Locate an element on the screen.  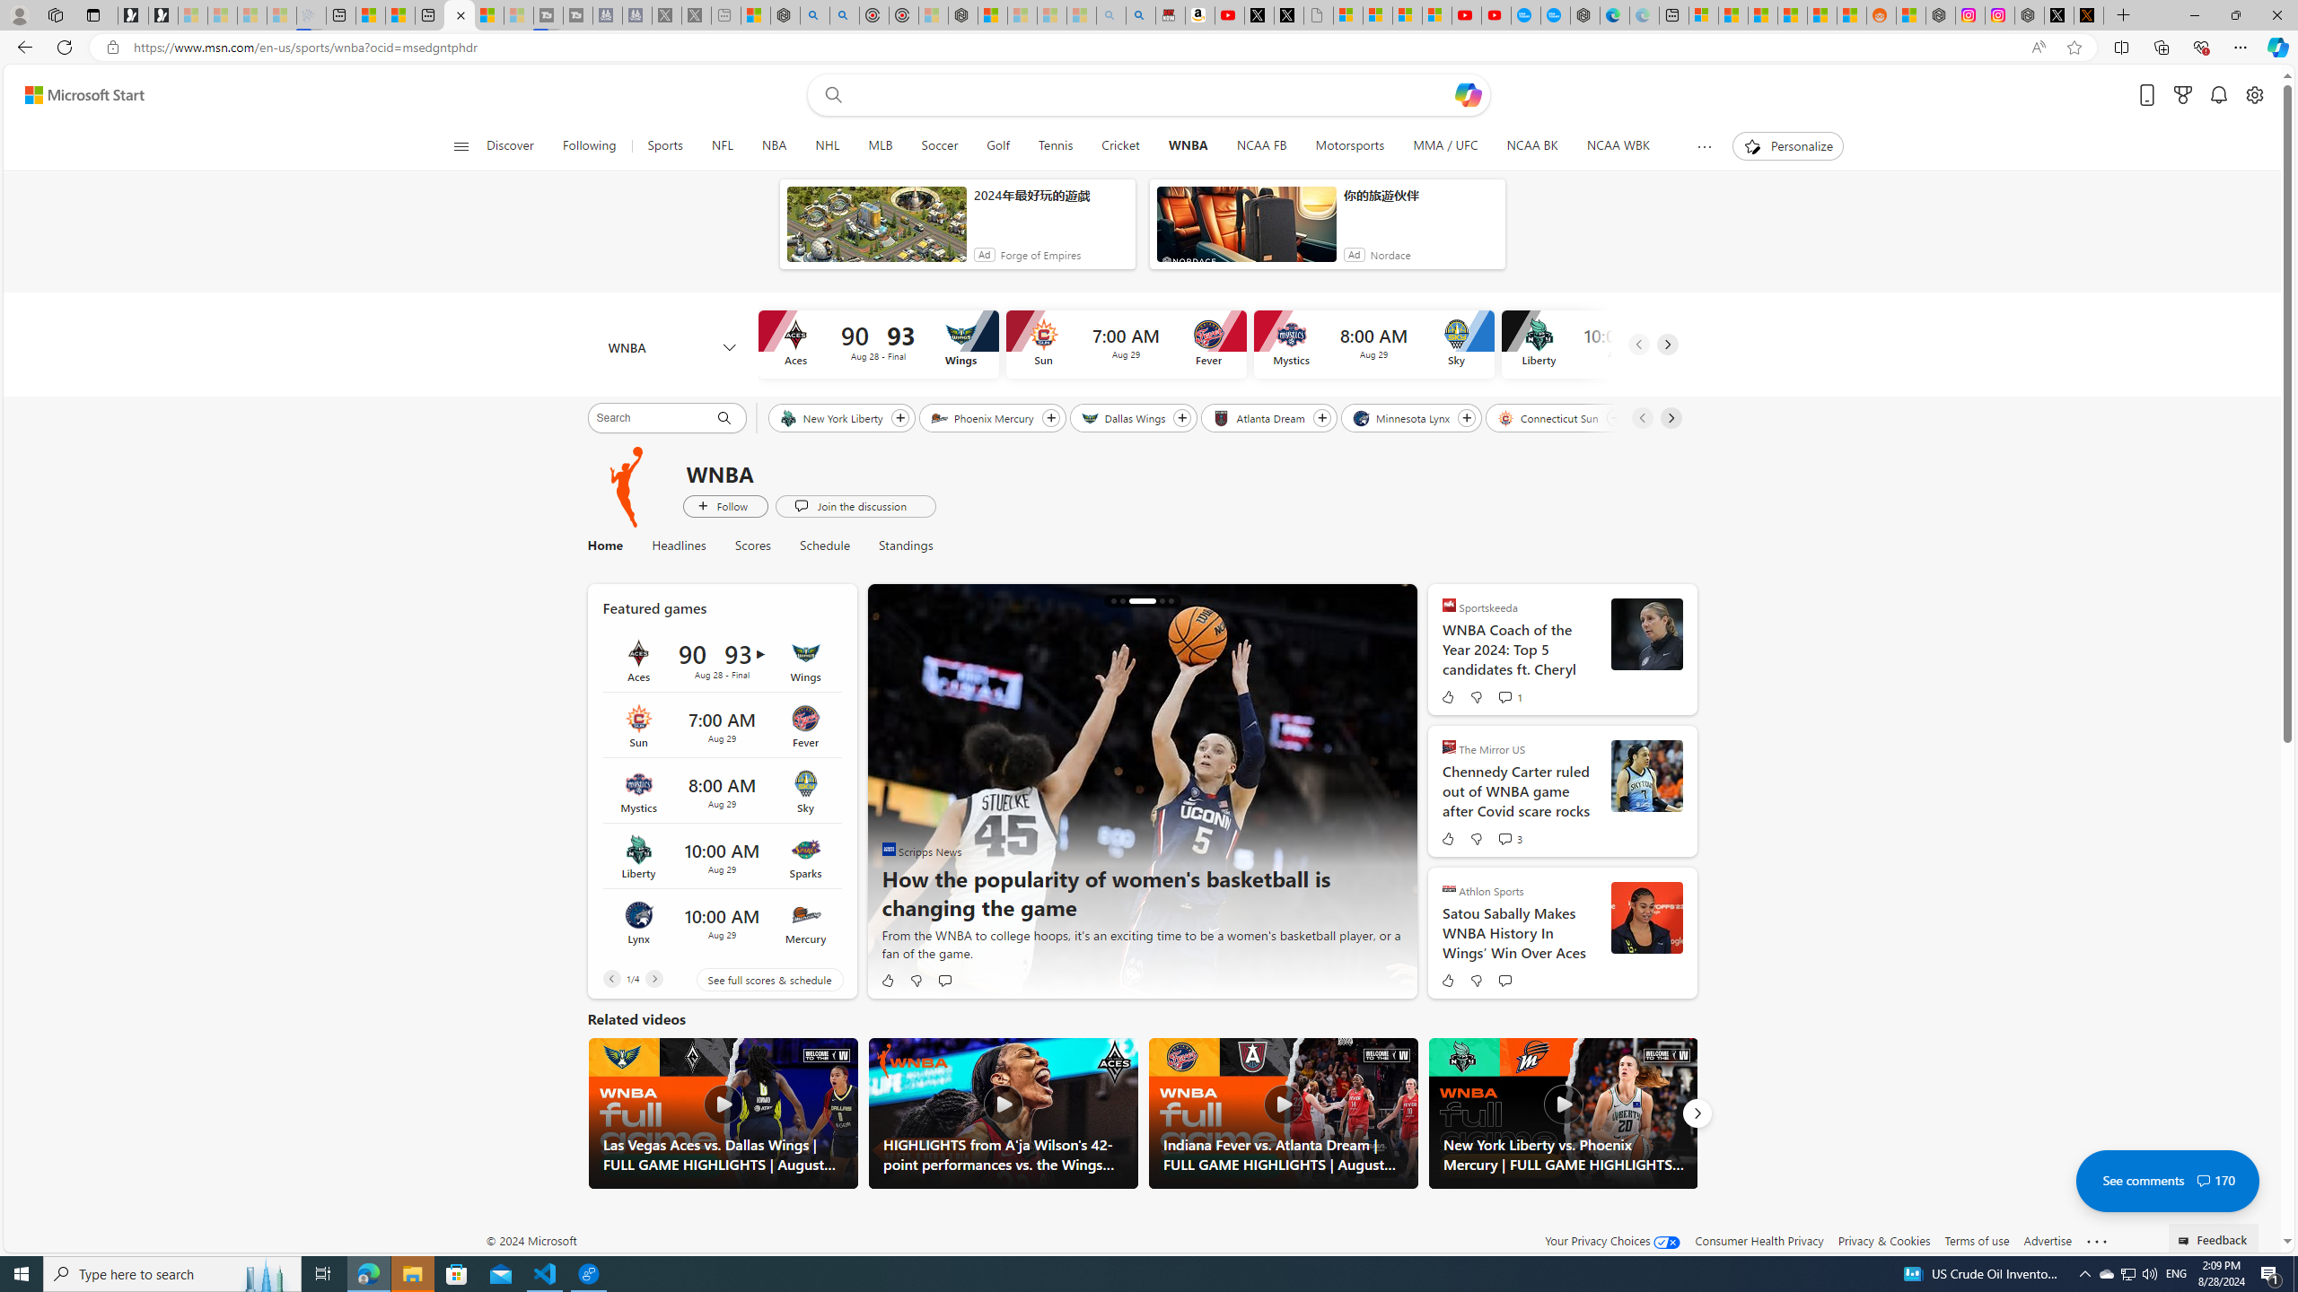
'poe ++ standard - Search' is located at coordinates (843, 14).